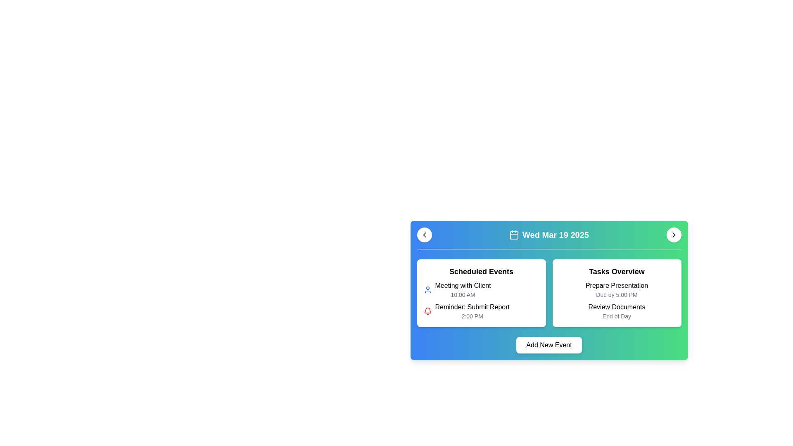 This screenshot has height=446, width=793. What do you see at coordinates (617, 307) in the screenshot?
I see `the Text Label that communicates the title of a task within the 'Tasks Overview' section, located in the lower-right card above the text 'End of Day'` at bounding box center [617, 307].